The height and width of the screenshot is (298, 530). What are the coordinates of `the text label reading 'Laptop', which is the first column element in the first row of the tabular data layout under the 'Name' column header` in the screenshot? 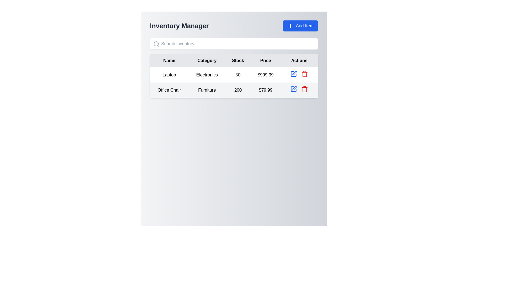 It's located at (169, 75).